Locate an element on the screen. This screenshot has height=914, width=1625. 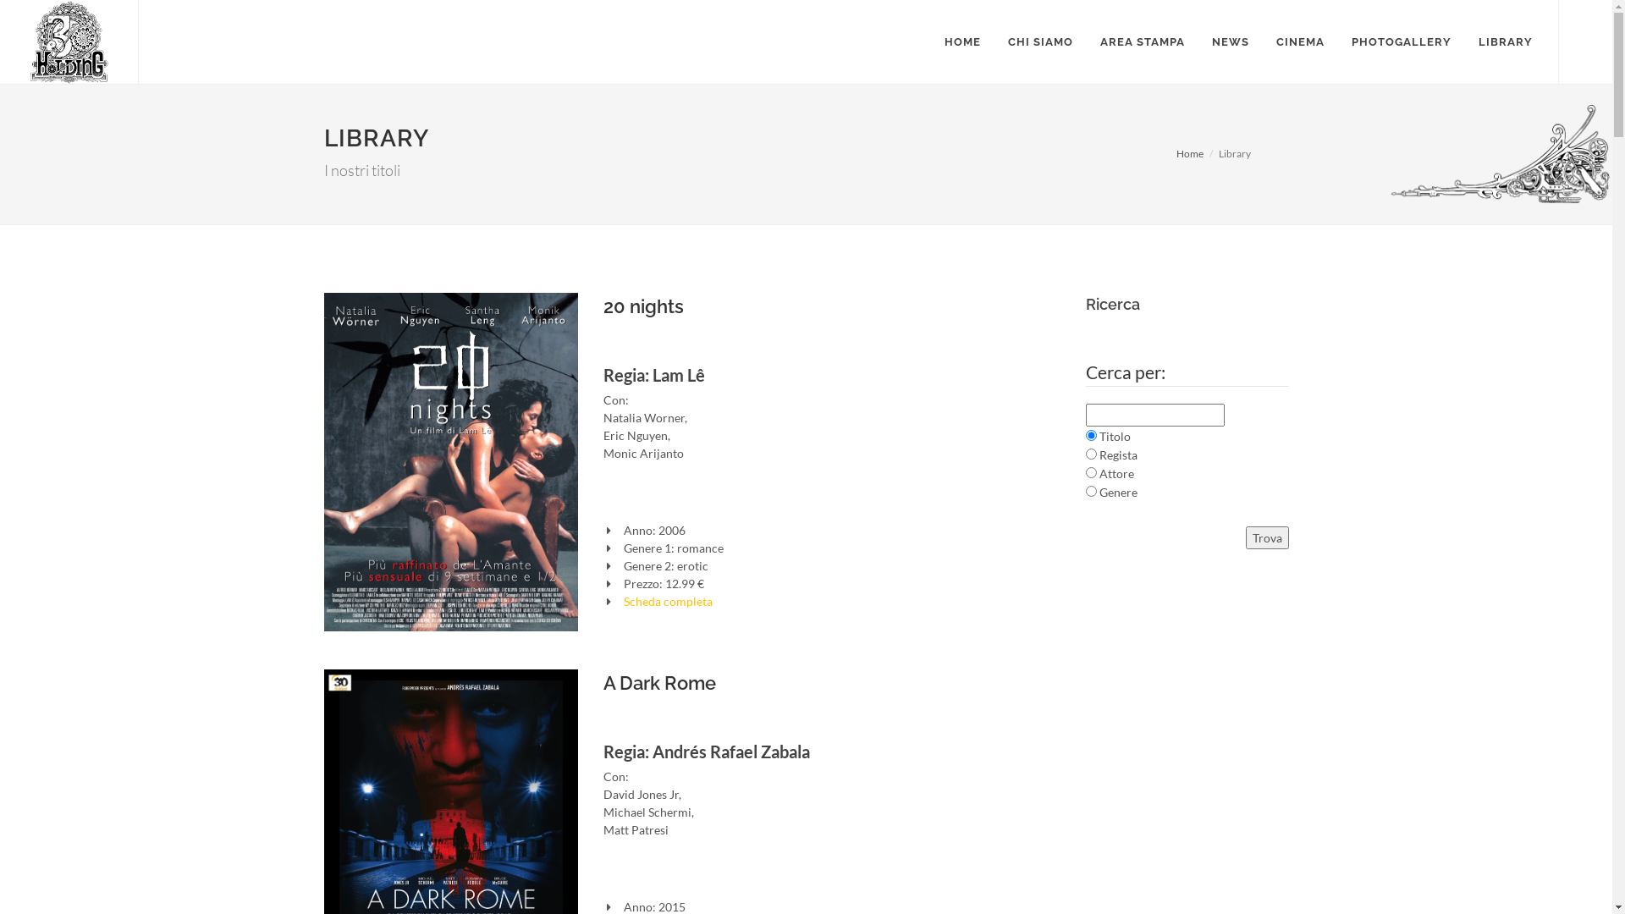
'CINEMA' is located at coordinates (1299, 41).